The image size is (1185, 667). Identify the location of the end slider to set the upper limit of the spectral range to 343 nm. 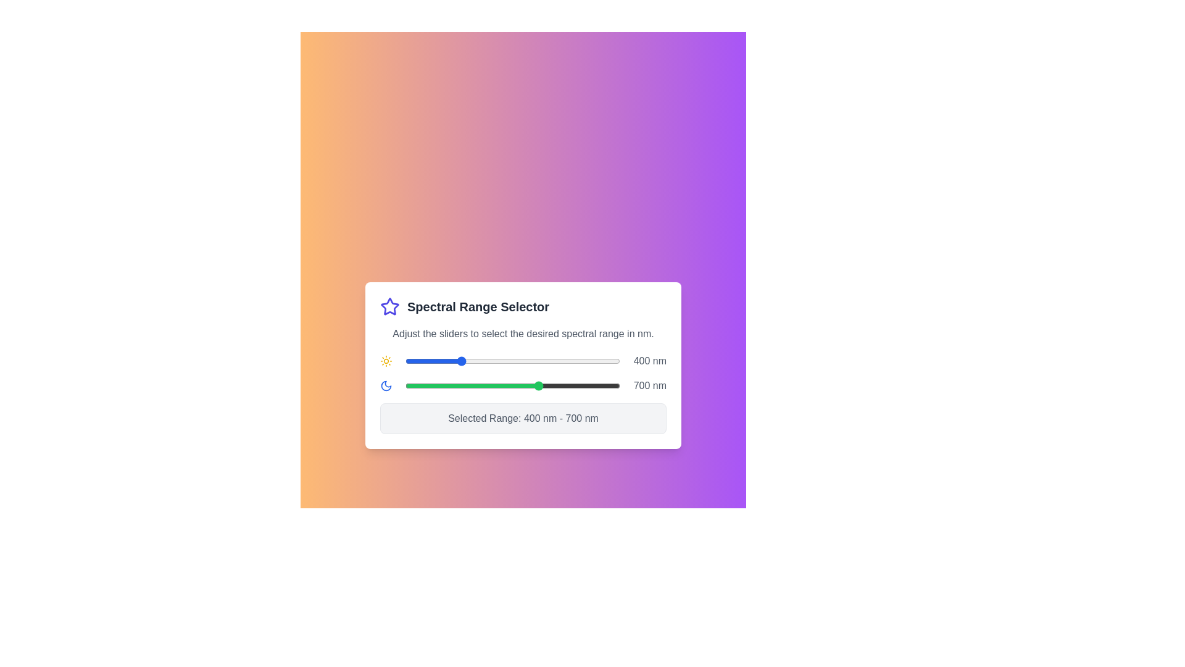
(444, 385).